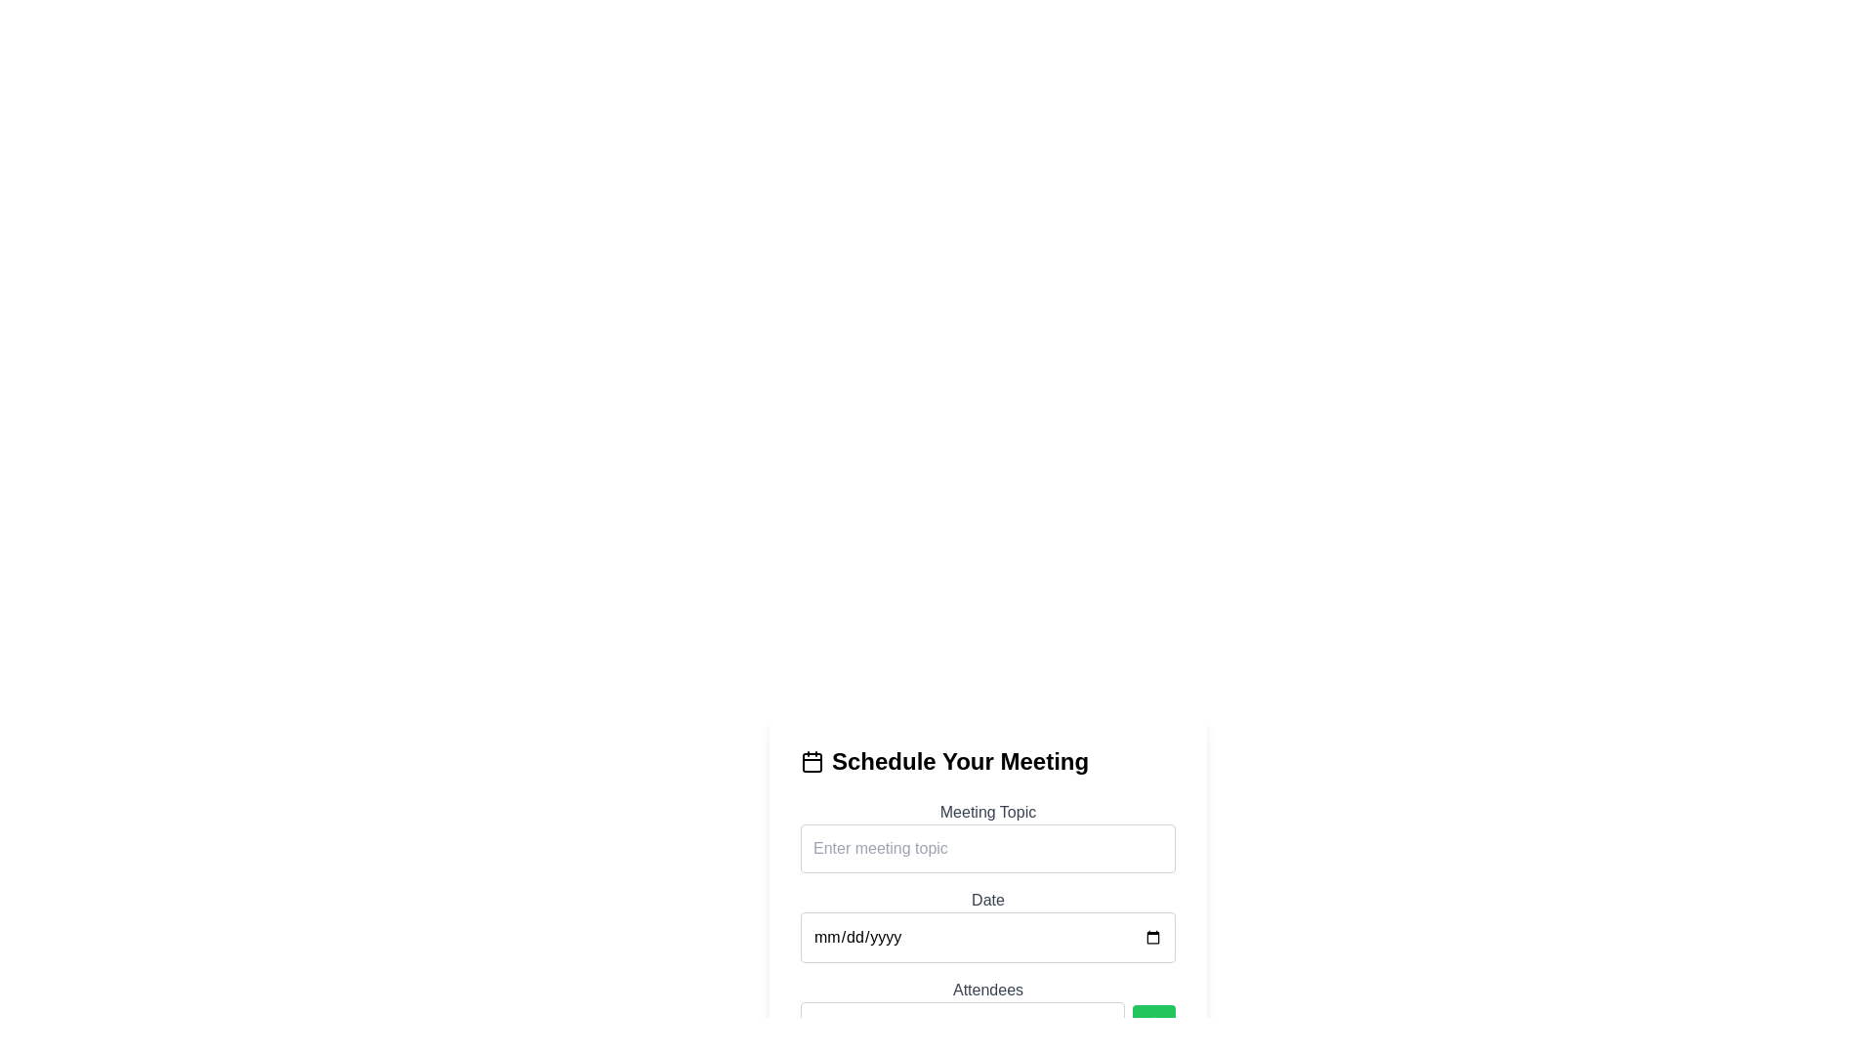 The height and width of the screenshot is (1055, 1875). I want to click on the input field for attendee email addresses, which is located in the third section of the vertical form structure, so click(988, 1013).